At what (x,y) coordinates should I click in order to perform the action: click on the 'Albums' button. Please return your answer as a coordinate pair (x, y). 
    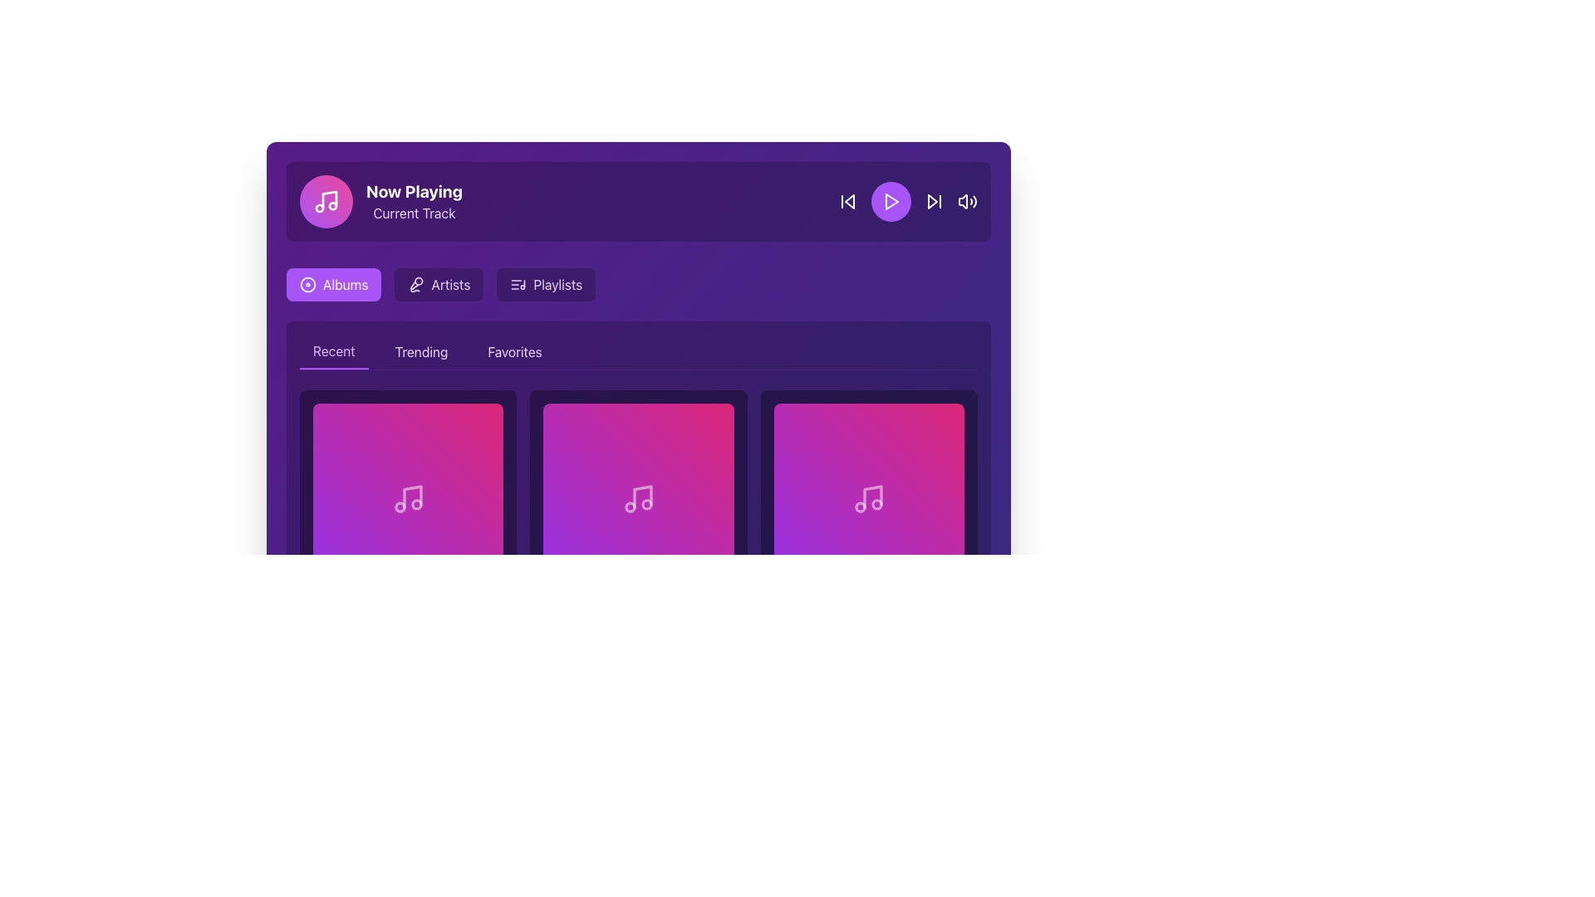
    Looking at the image, I should click on (333, 284).